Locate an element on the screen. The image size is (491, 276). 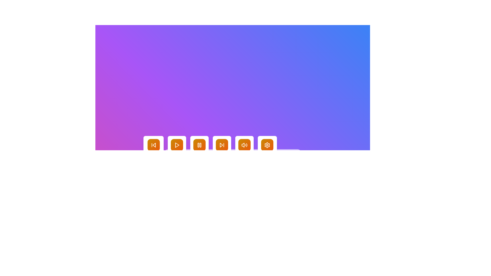
the graphical speaker icon located at the bottom-center of the interface to alter its state or perform an action is located at coordinates (243, 145).